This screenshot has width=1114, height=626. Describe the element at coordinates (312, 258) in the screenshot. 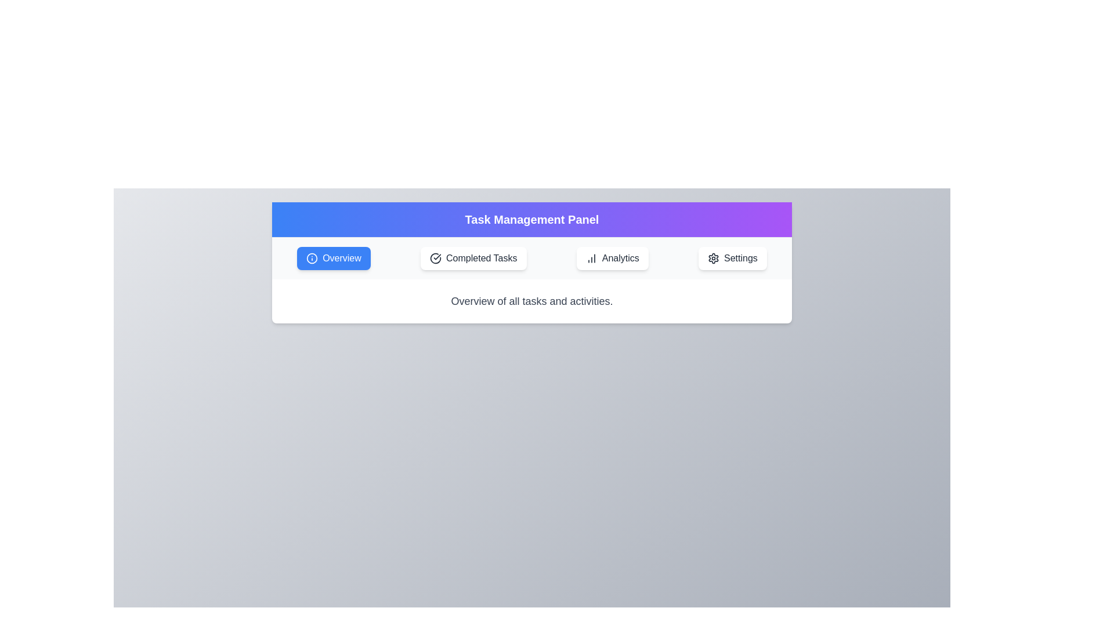

I see `the information circle icon located at the center of the 'Overview' button in the main navigation panel` at that location.